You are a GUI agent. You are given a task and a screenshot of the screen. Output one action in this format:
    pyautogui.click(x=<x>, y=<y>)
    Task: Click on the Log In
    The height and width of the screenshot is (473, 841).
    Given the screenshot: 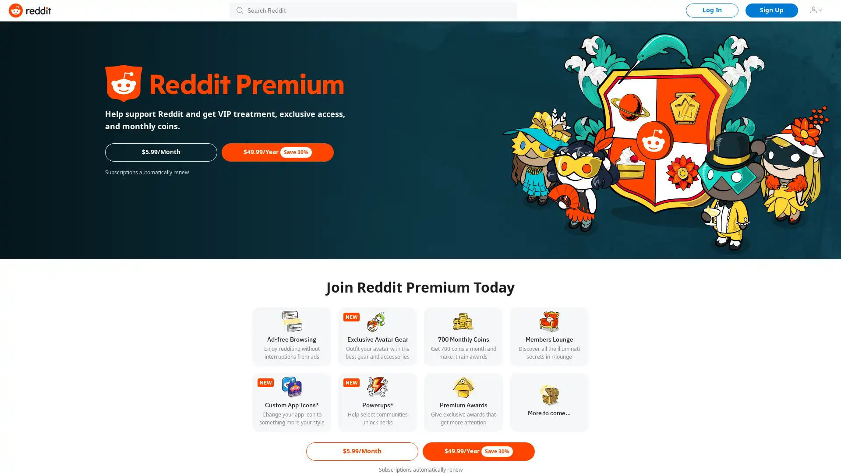 What is the action you would take?
    pyautogui.click(x=712, y=10)
    